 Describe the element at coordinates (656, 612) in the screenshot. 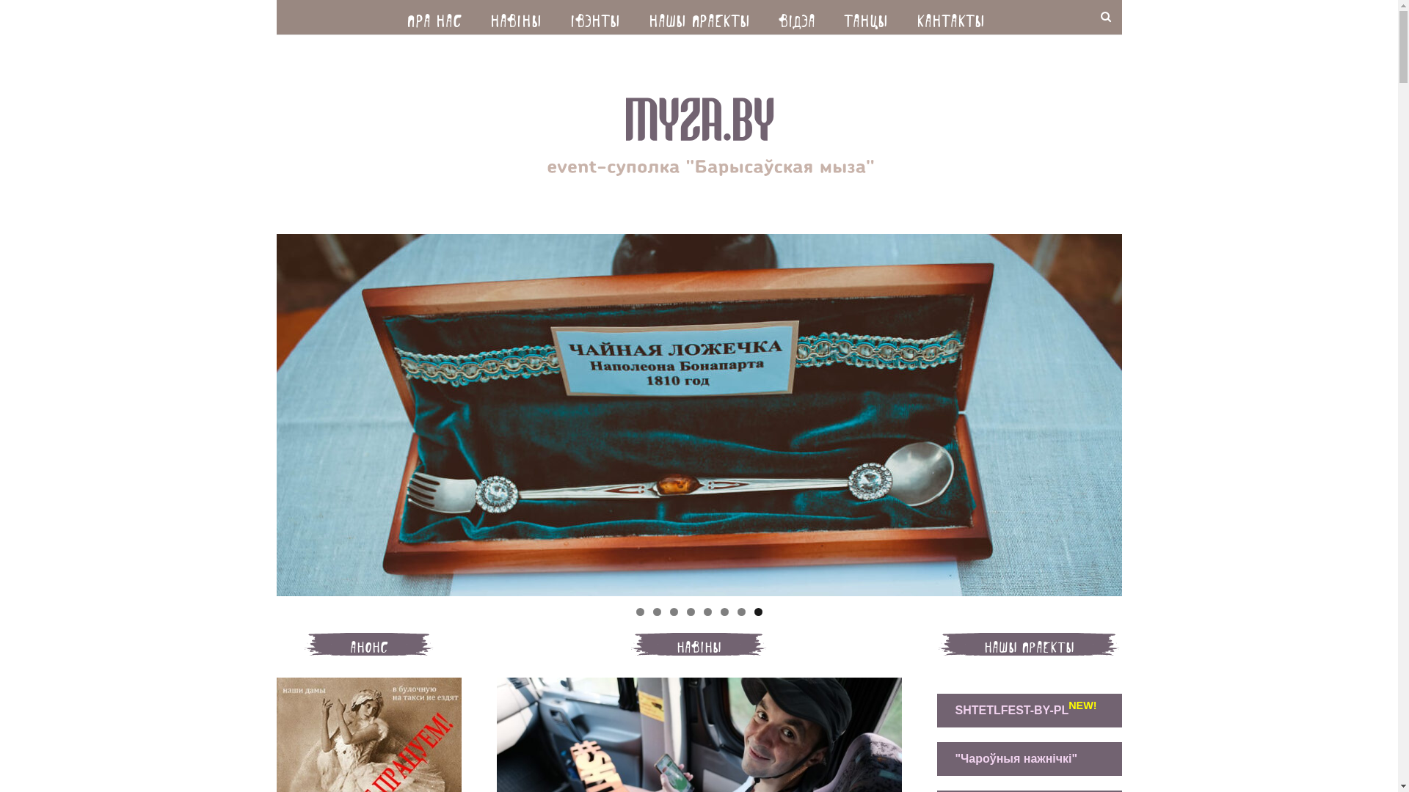

I see `'2'` at that location.